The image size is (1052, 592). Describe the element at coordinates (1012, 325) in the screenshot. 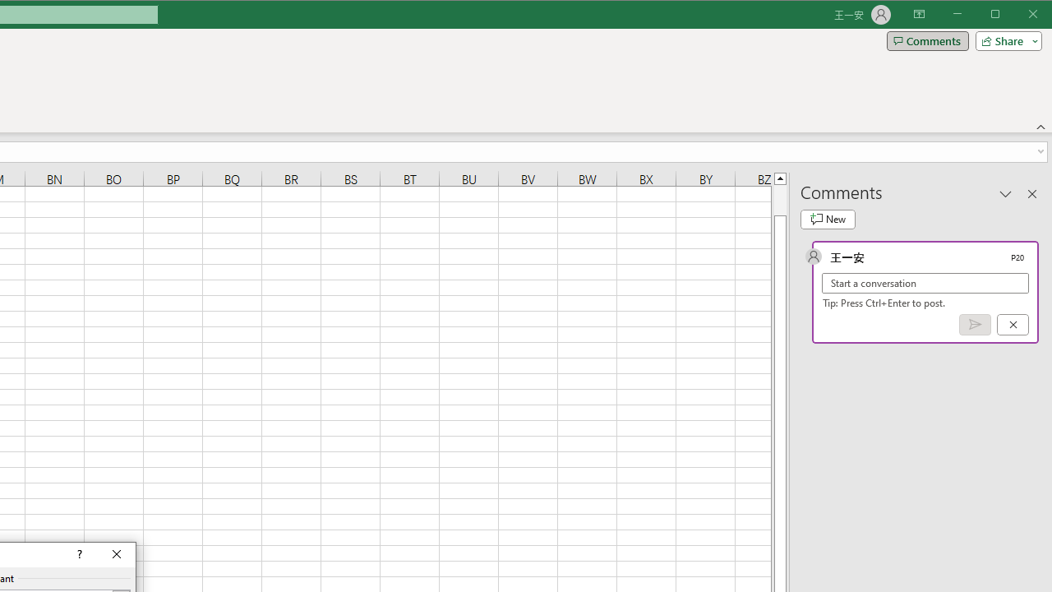

I see `'Cancel'` at that location.